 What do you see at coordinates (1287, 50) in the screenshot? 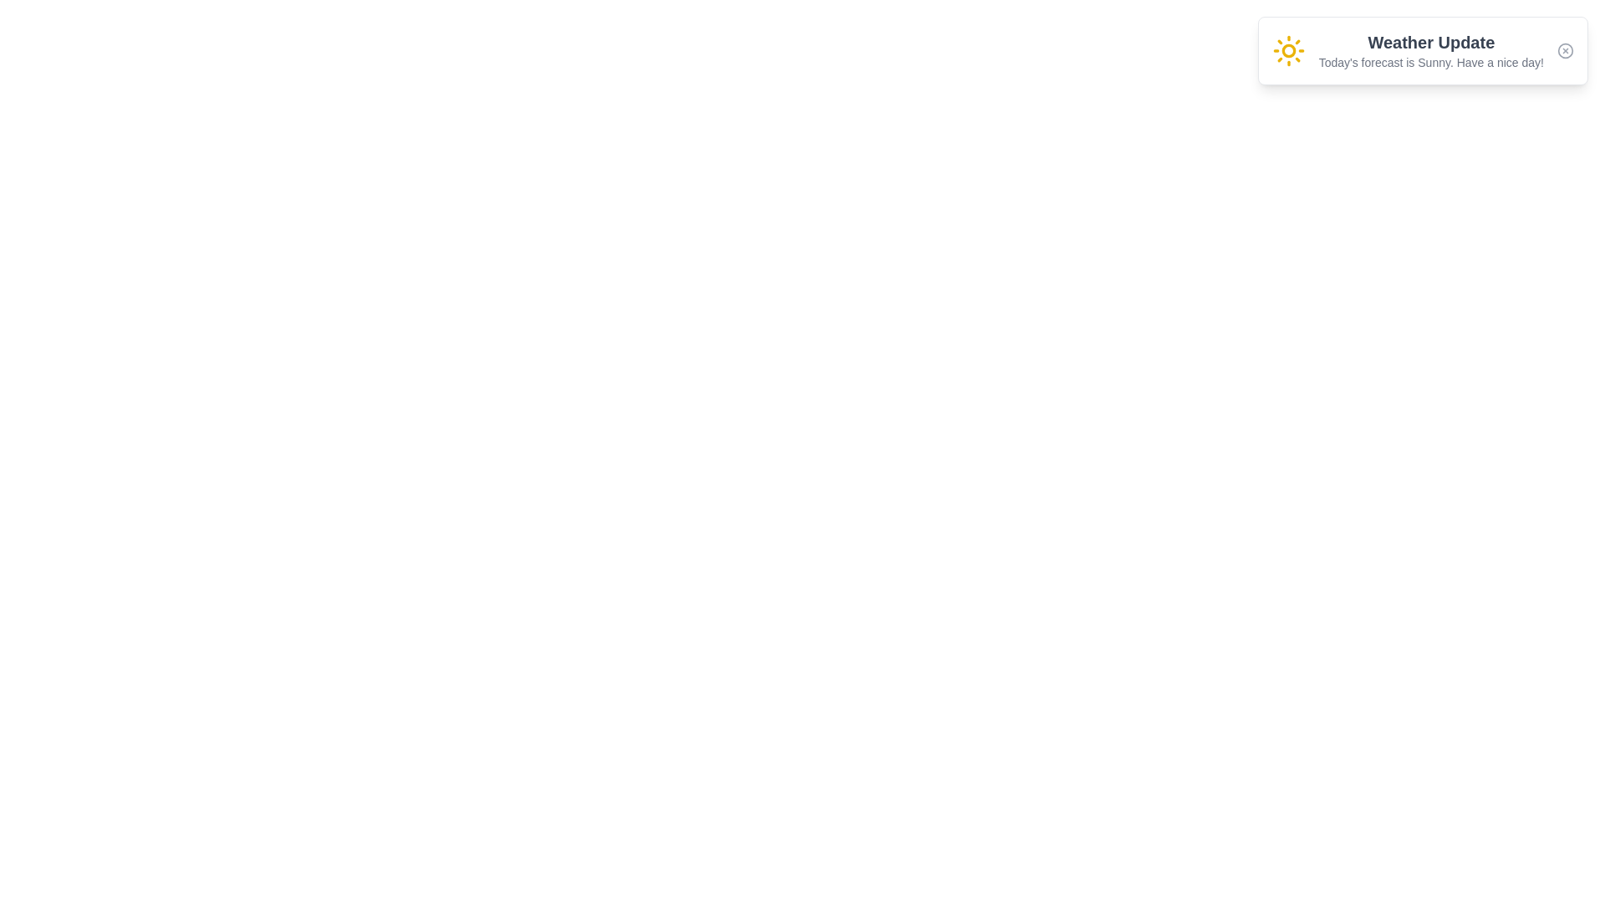
I see `the sun icon, which has a circular center with radiating lines styled in yellow and is located adjacent to the 'Weather Update' heading text` at bounding box center [1287, 50].